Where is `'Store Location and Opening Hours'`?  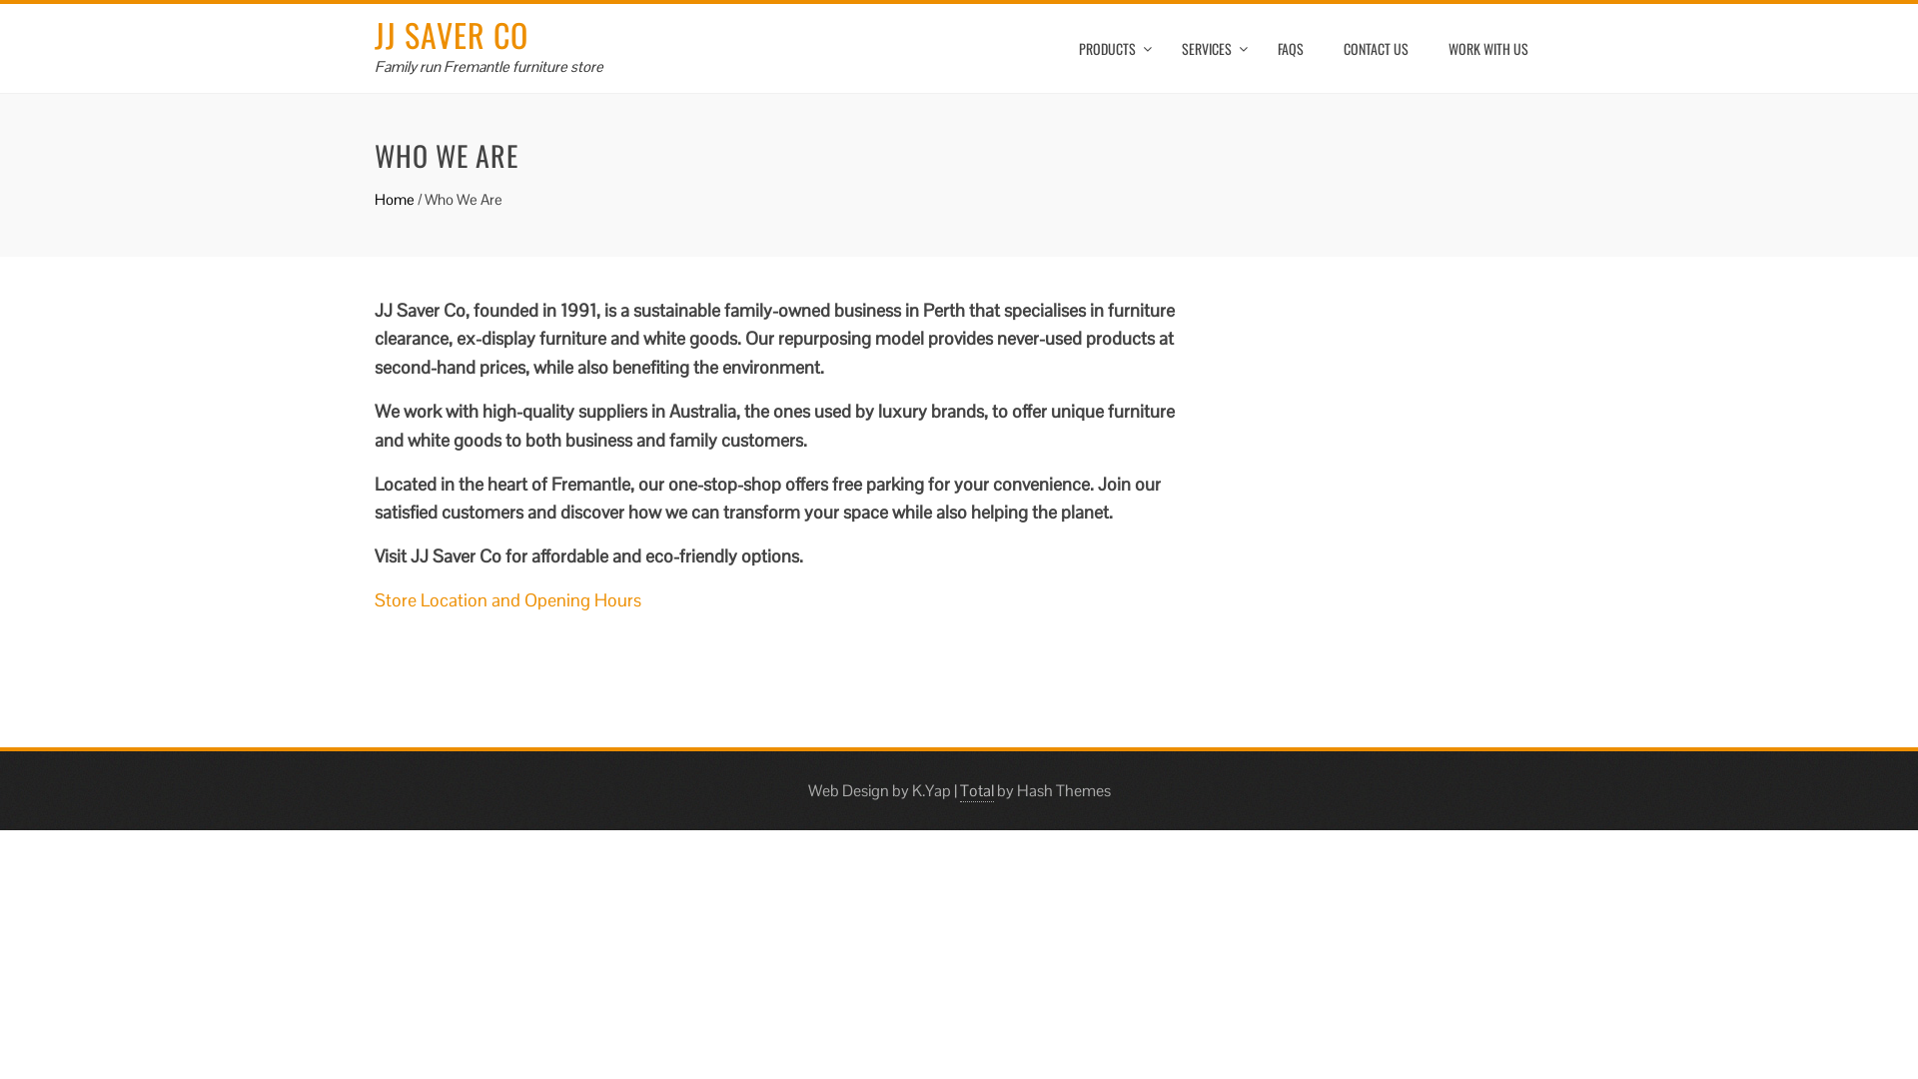
'Store Location and Opening Hours' is located at coordinates (507, 598).